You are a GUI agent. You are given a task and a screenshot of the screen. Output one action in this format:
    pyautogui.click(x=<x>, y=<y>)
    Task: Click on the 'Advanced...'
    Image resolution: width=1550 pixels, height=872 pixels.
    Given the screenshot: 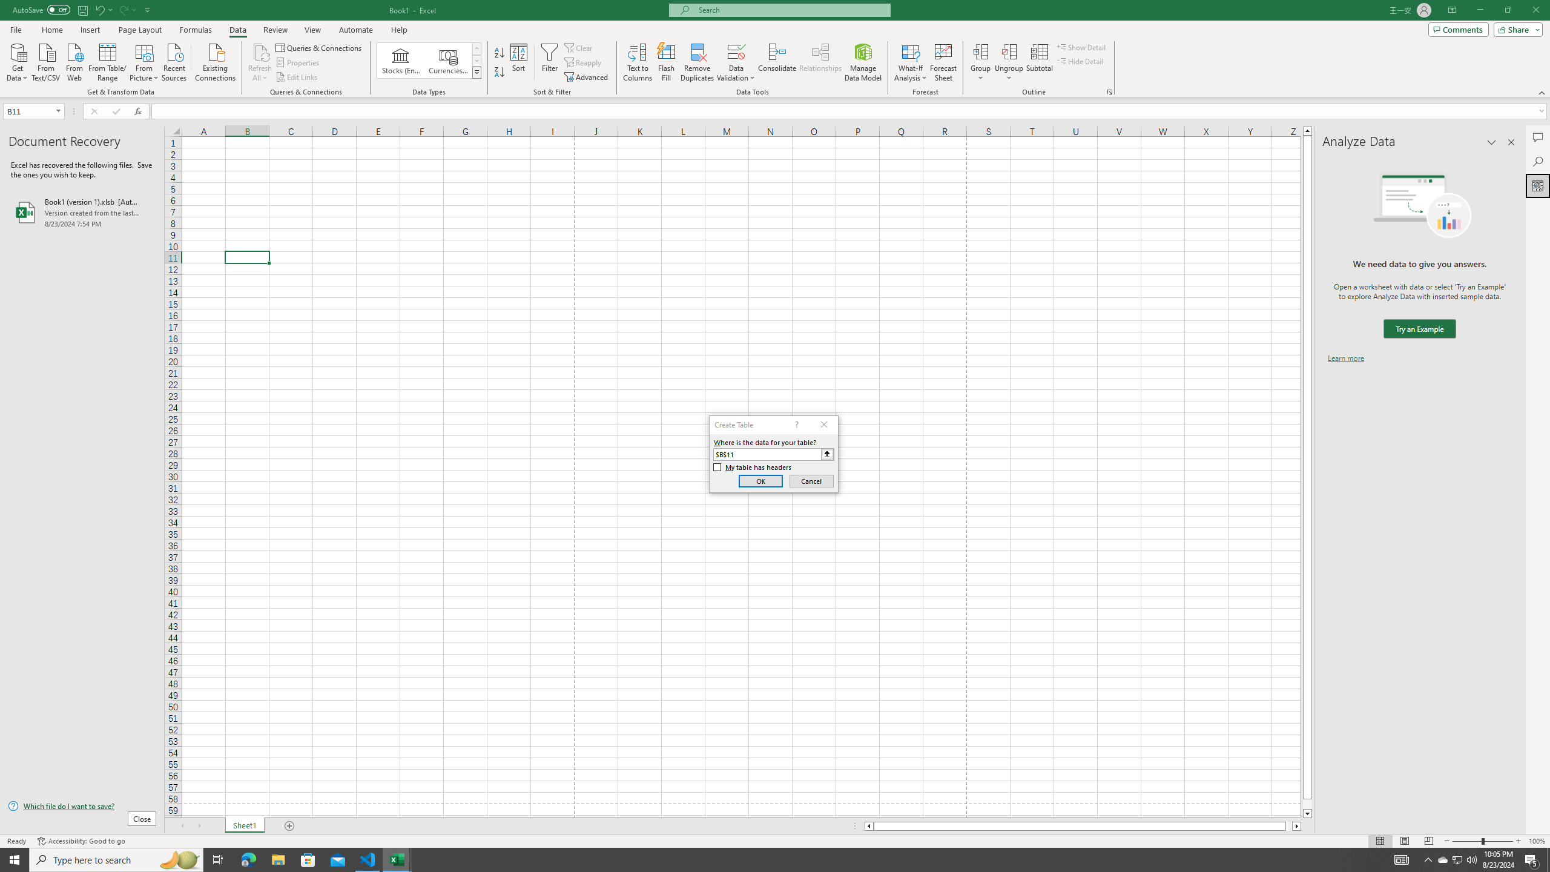 What is the action you would take?
    pyautogui.click(x=587, y=77)
    